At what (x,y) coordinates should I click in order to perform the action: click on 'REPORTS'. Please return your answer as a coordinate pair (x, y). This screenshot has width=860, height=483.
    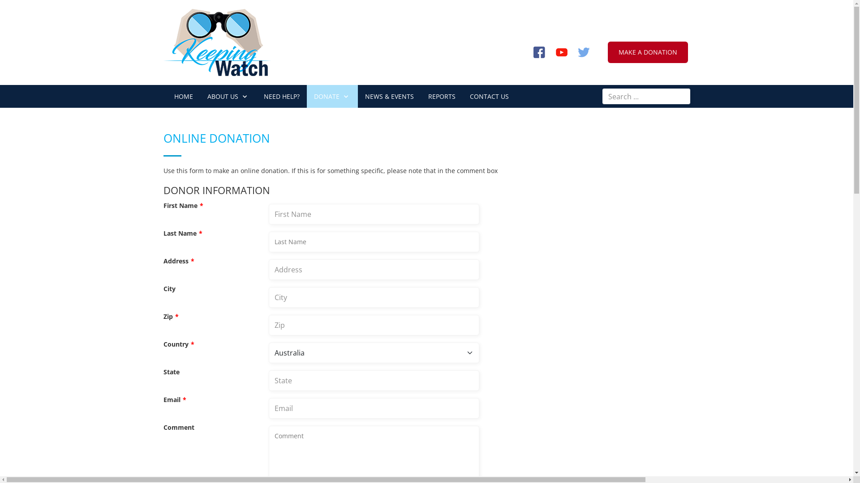
    Looking at the image, I should click on (442, 96).